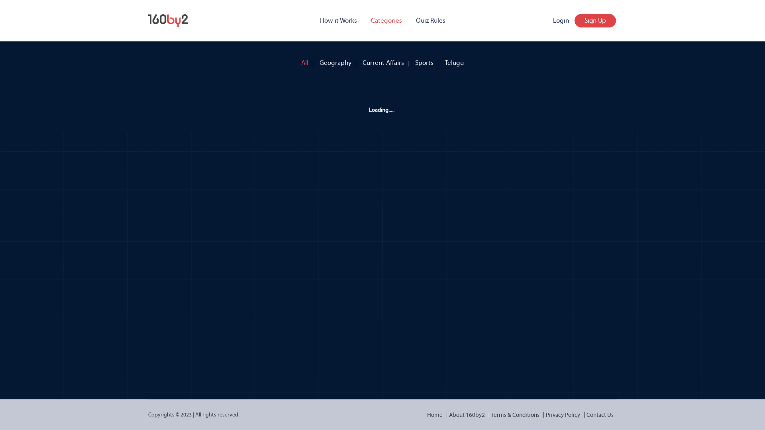 Image resolution: width=765 pixels, height=430 pixels. What do you see at coordinates (445, 414) in the screenshot?
I see `'About 160by2'` at bounding box center [445, 414].